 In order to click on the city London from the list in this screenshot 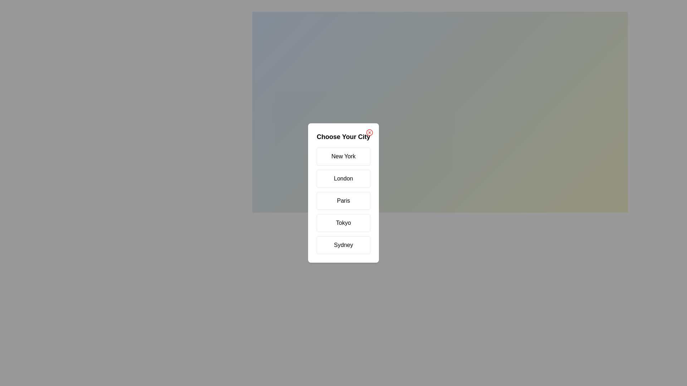, I will do `click(343, 178)`.